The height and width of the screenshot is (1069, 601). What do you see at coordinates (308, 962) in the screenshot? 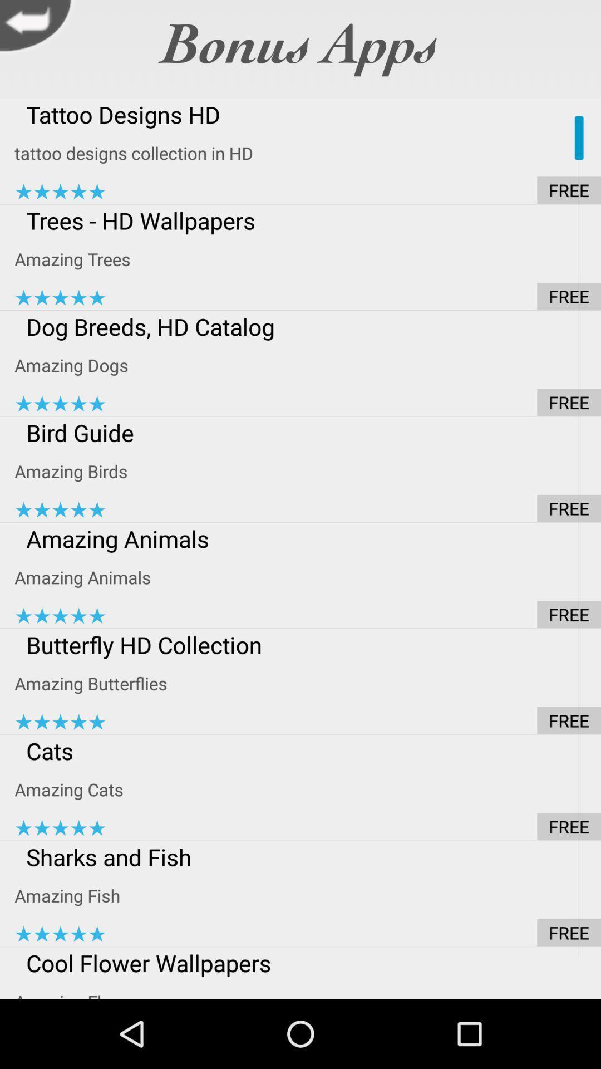
I see `cool flower wallpapers  item` at bounding box center [308, 962].